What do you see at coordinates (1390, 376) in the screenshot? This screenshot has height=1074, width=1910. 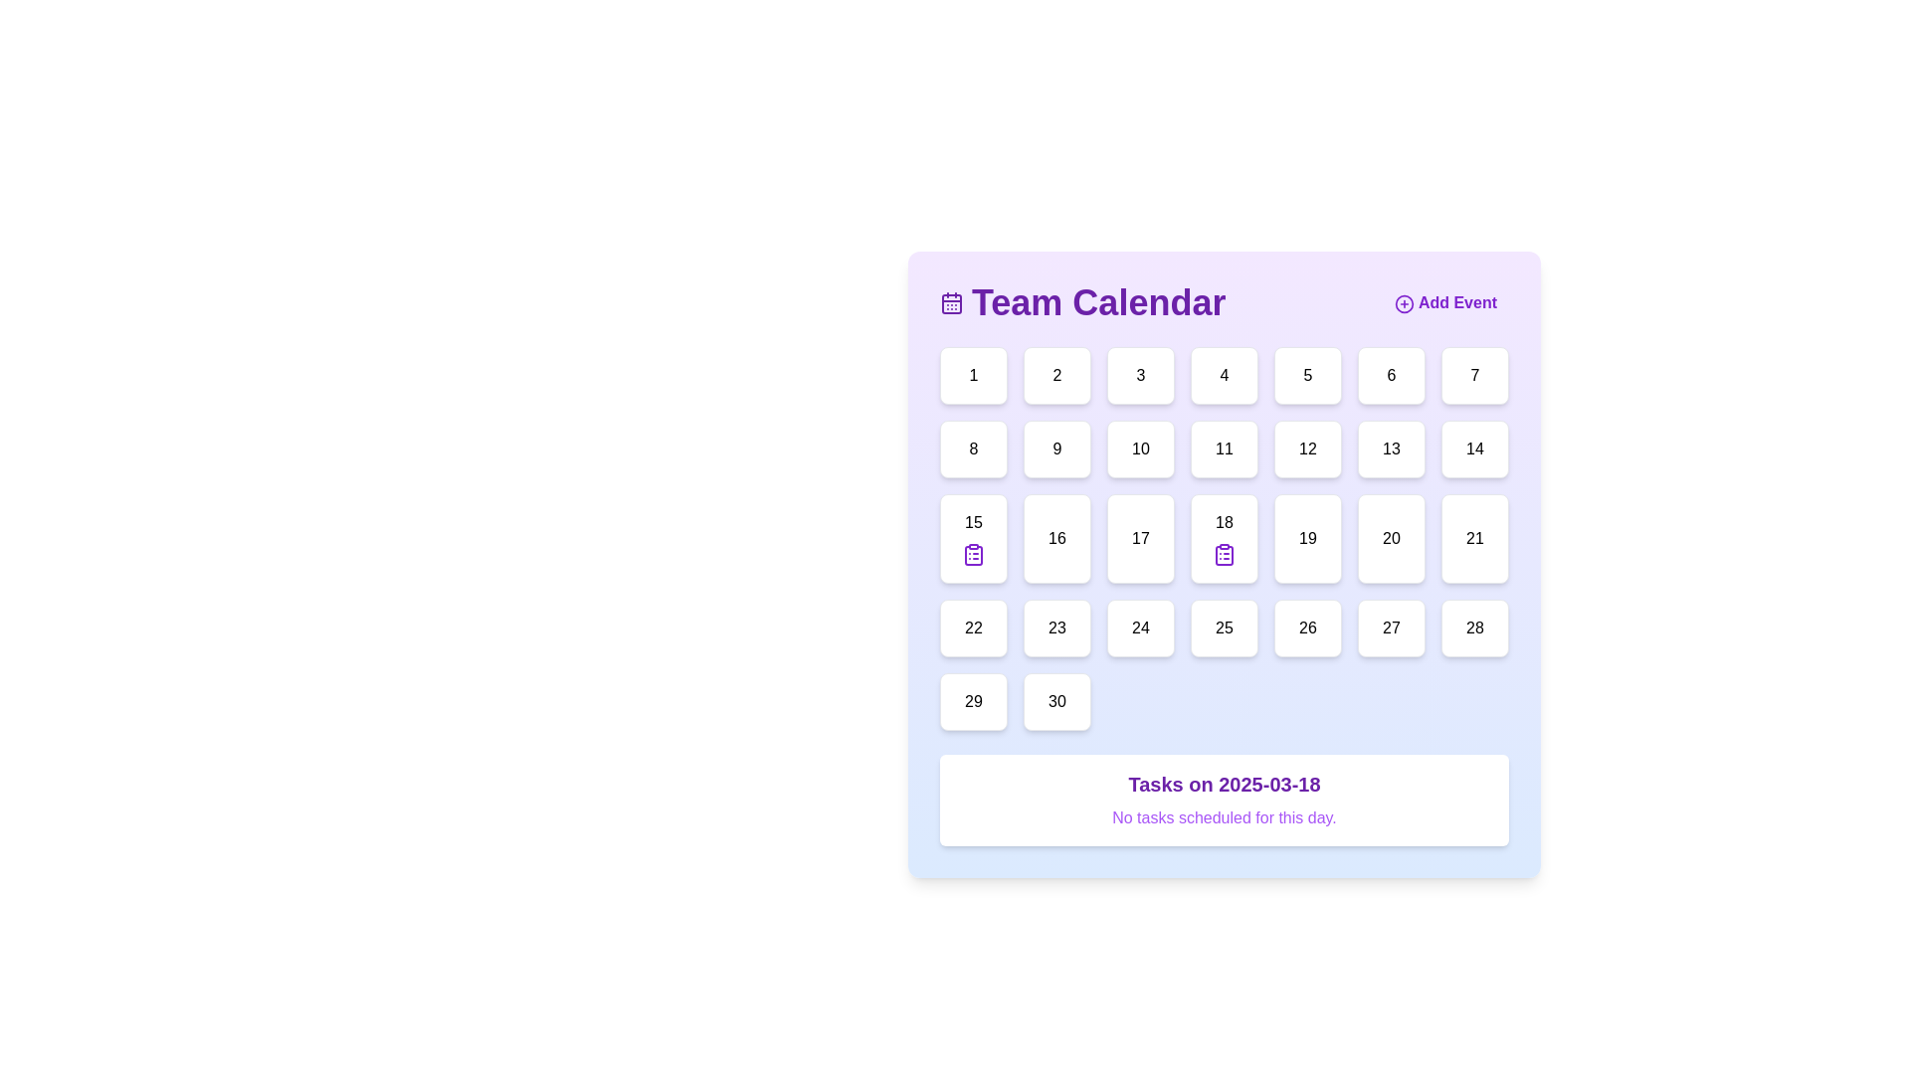 I see `the button labeled '6' in the calendar interface` at bounding box center [1390, 376].